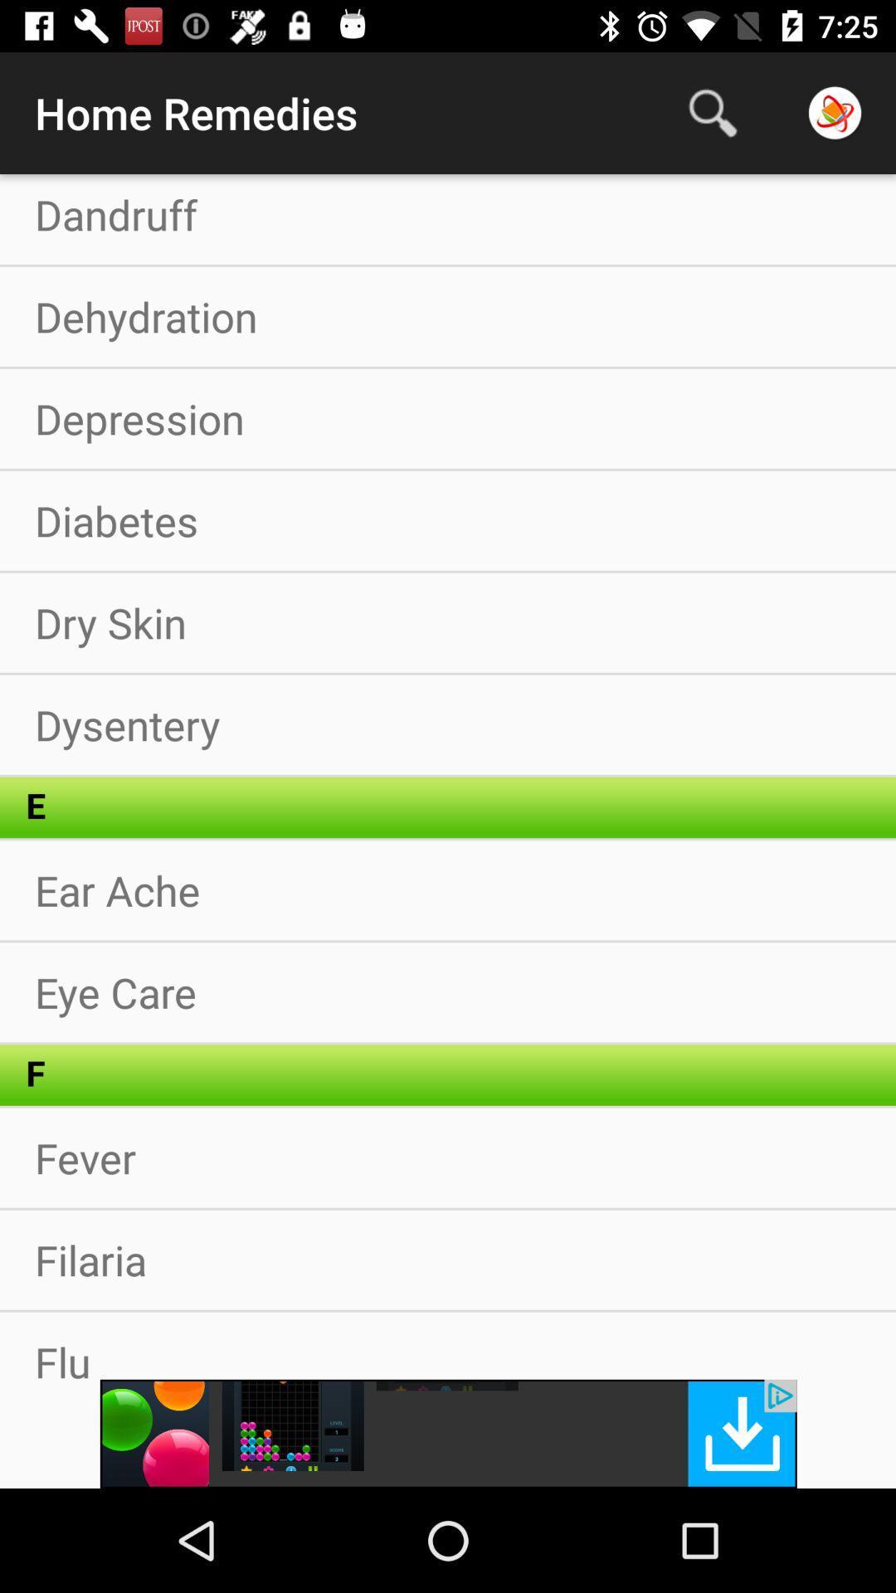 The width and height of the screenshot is (896, 1593). What do you see at coordinates (448, 1433) in the screenshot?
I see `open advertisement` at bounding box center [448, 1433].